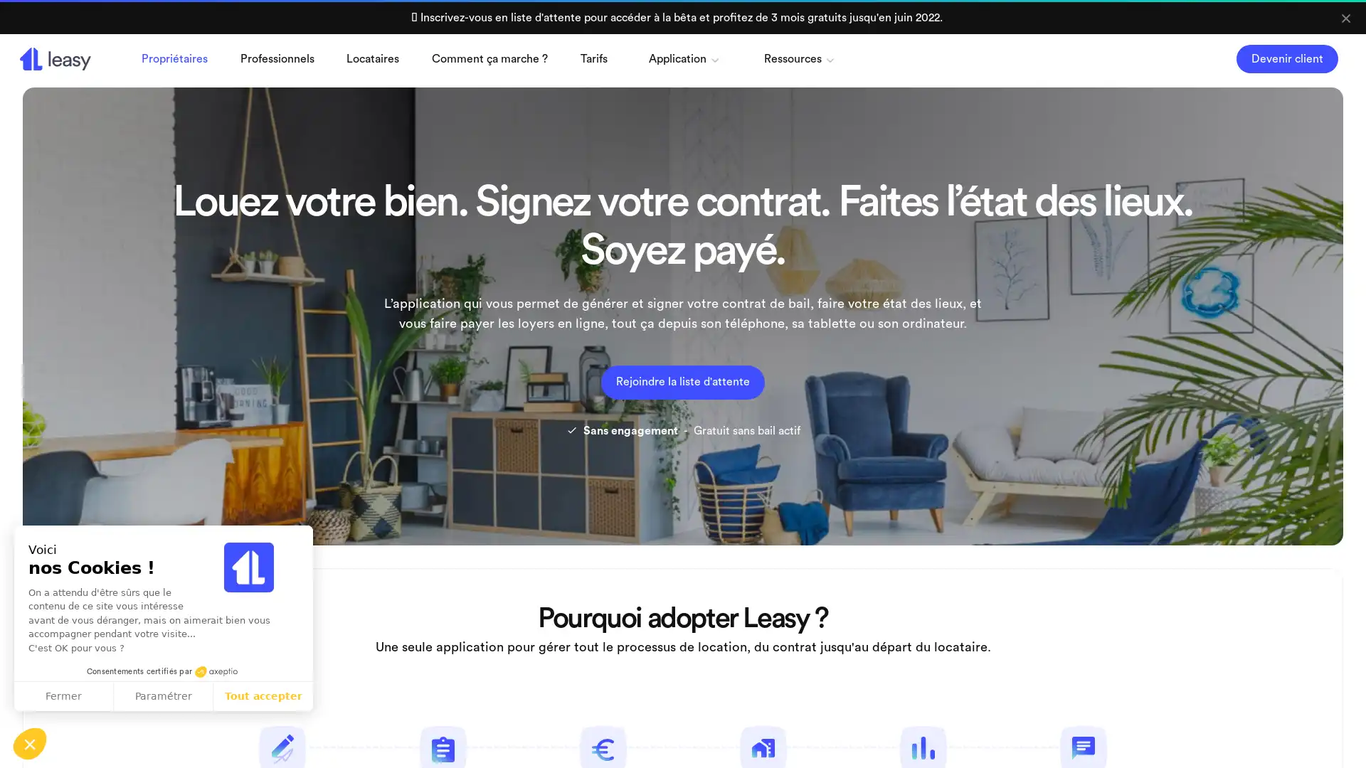 The height and width of the screenshot is (768, 1366). I want to click on Consentements certifies par, so click(163, 671).